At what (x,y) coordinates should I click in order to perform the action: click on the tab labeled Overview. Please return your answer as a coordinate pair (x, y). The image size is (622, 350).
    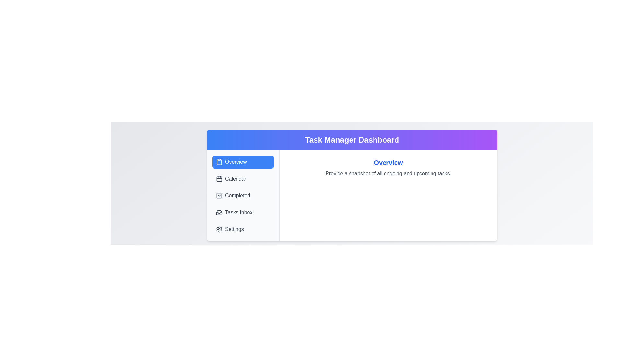
    Looking at the image, I should click on (243, 162).